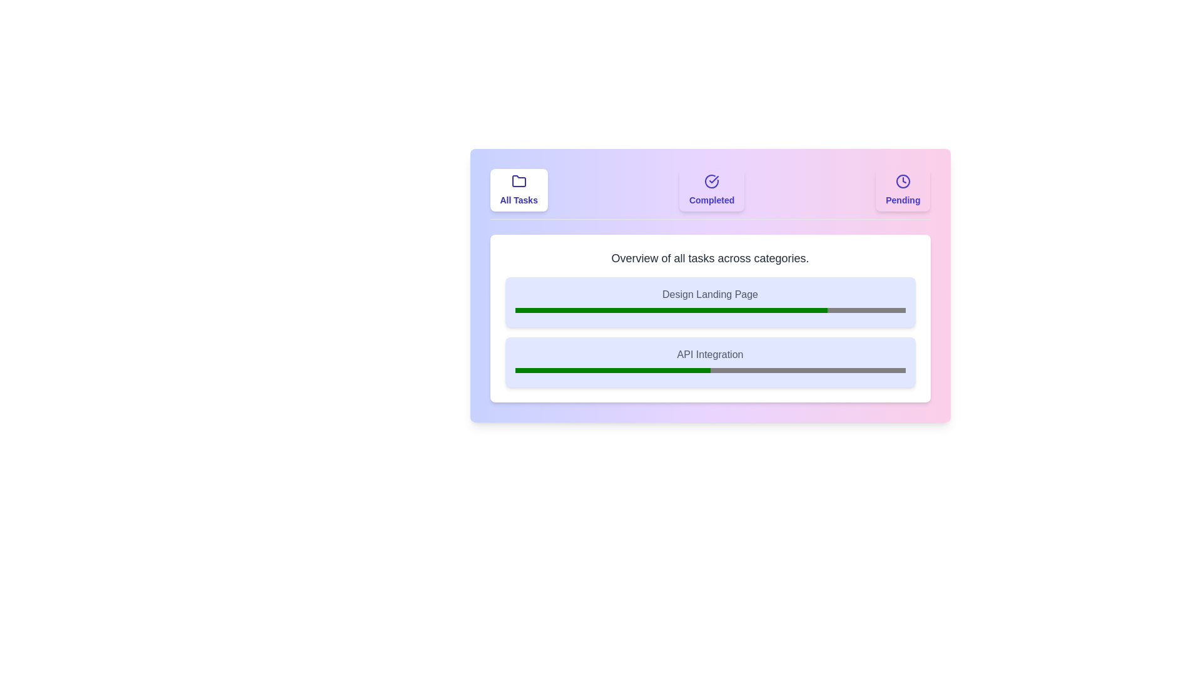 This screenshot has width=1201, height=676. Describe the element at coordinates (519, 181) in the screenshot. I see `the folder icon located within the 'All Tasks' button at the top-left corner of the interface` at that location.